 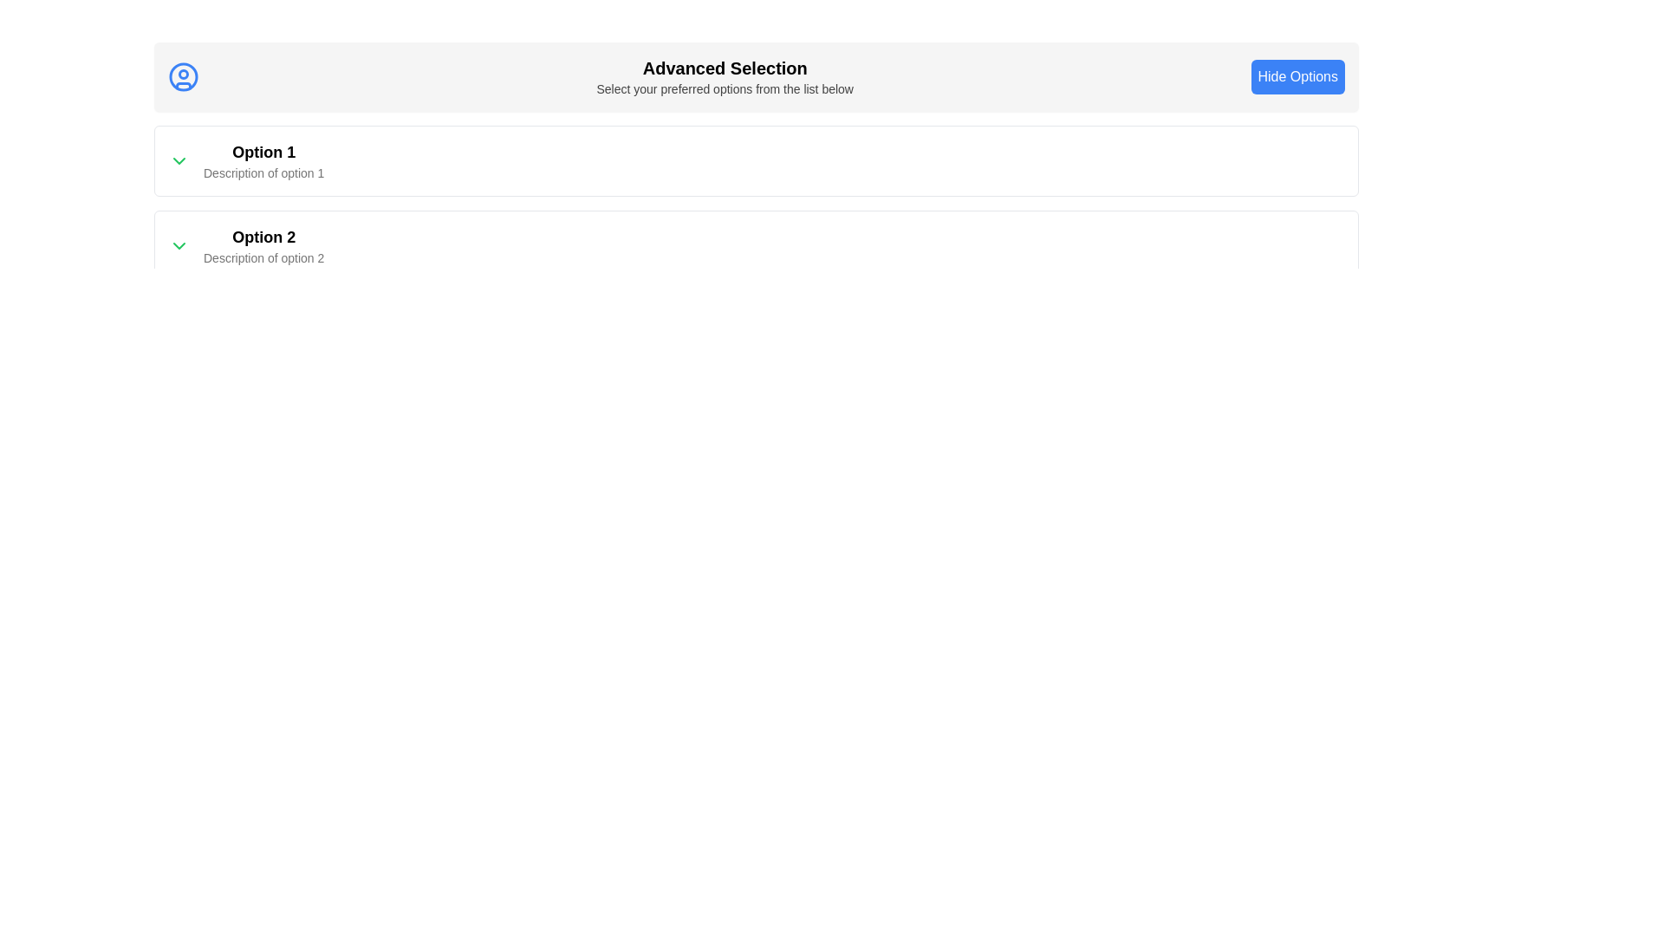 What do you see at coordinates (263, 237) in the screenshot?
I see `the bold text label displaying 'Option 2' to use it as a reference for associated interactive components` at bounding box center [263, 237].